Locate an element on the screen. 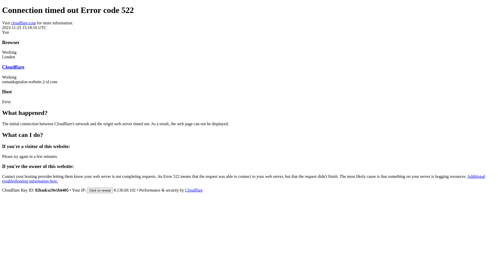 The height and width of the screenshot is (280, 498). 'Cloudflare' is located at coordinates (194, 190).